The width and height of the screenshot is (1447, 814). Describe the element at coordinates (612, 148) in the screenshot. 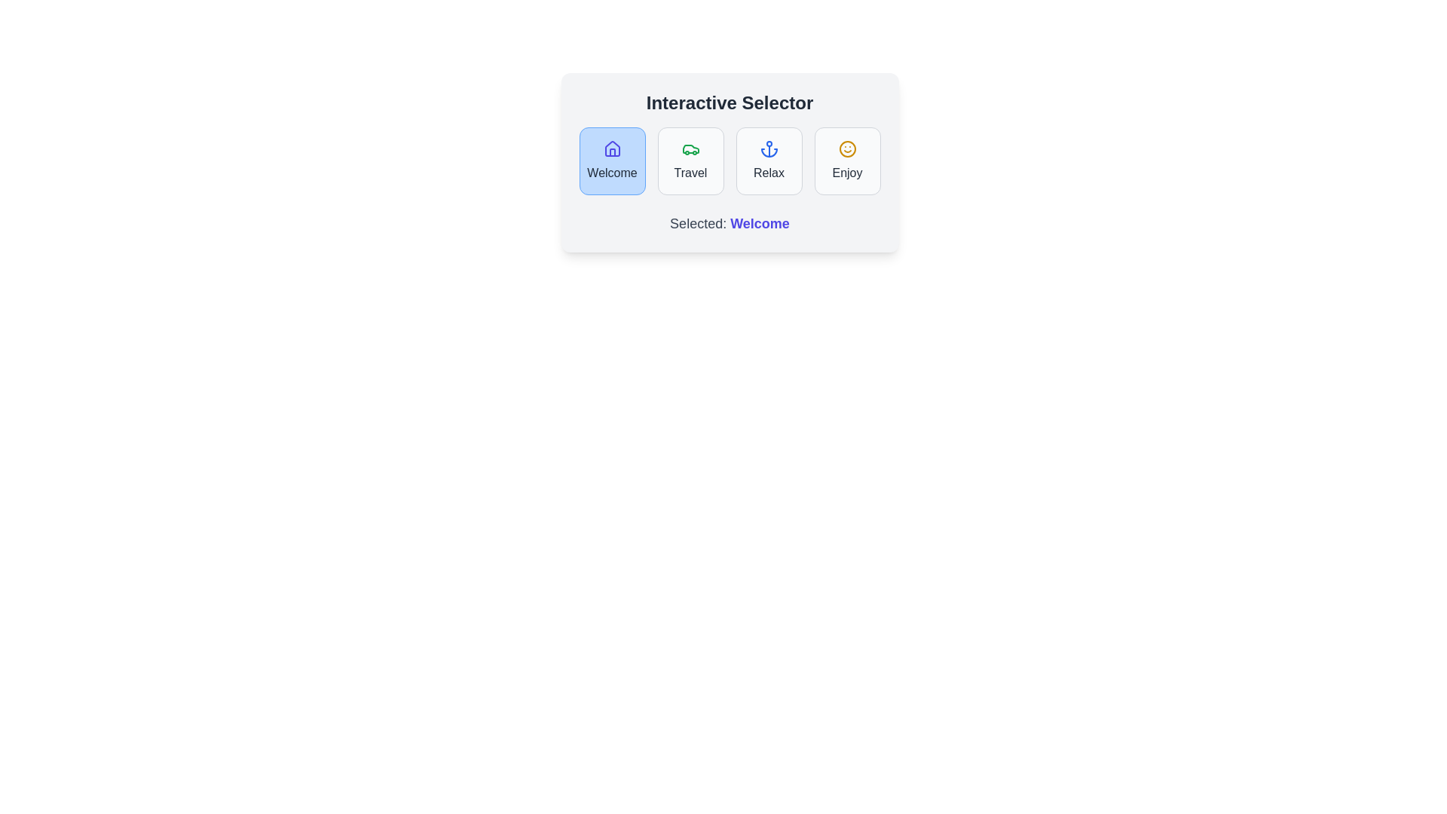

I see `the stylized house-shaped icon in the 'Welcome' segment of the 'Interactive Selector' option group, which is the first option in a horizontal layout of four` at that location.